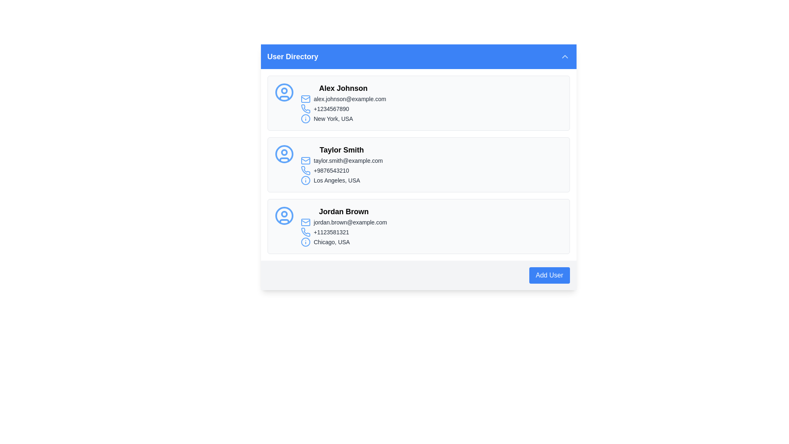 The image size is (789, 444). I want to click on the text 'Chicago, USA' with the information icon next to it, located in the bottom row of Jordan Brown's user card, so click(344, 242).